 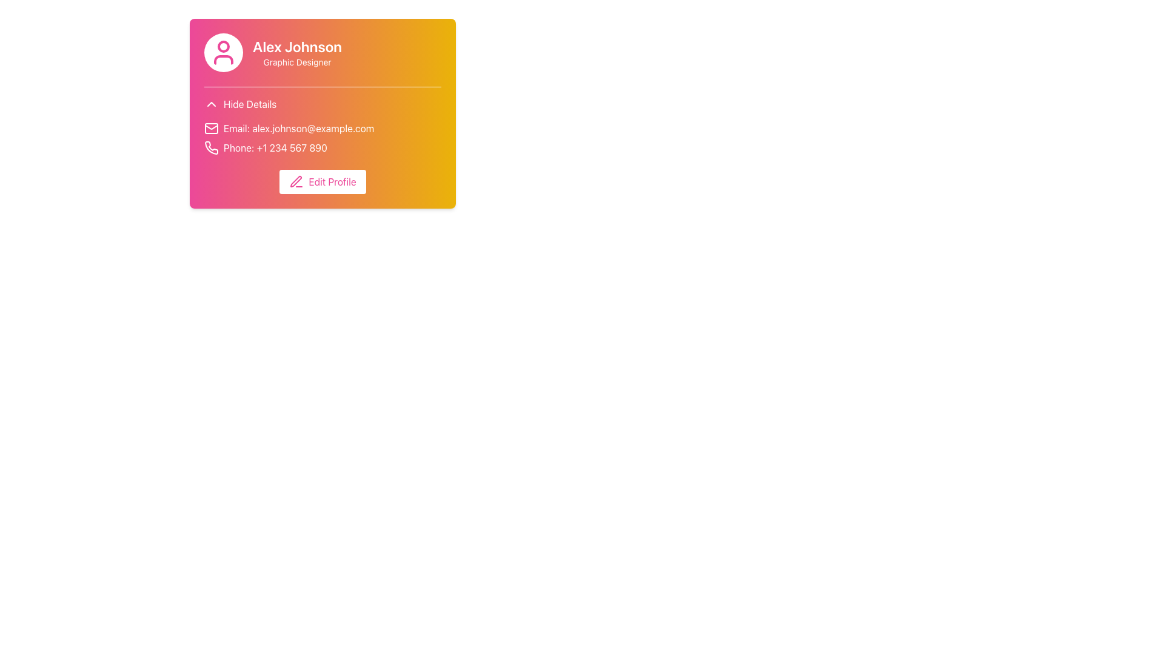 I want to click on the chevron-shaped icon pointing upwards, which is located to the left of the 'Hide Details' text, so click(x=212, y=104).